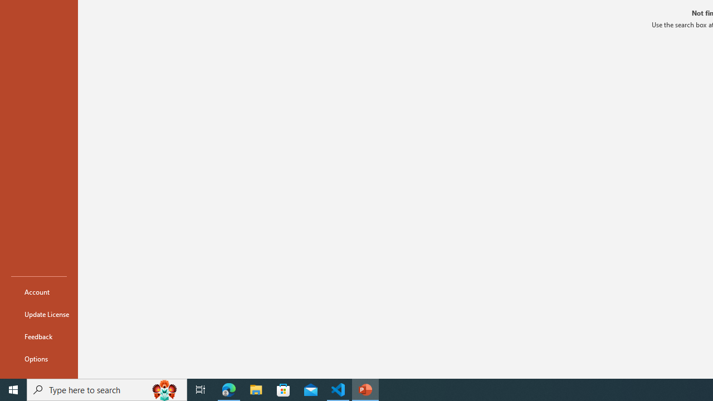 Image resolution: width=713 pixels, height=401 pixels. I want to click on 'Account', so click(38, 291).